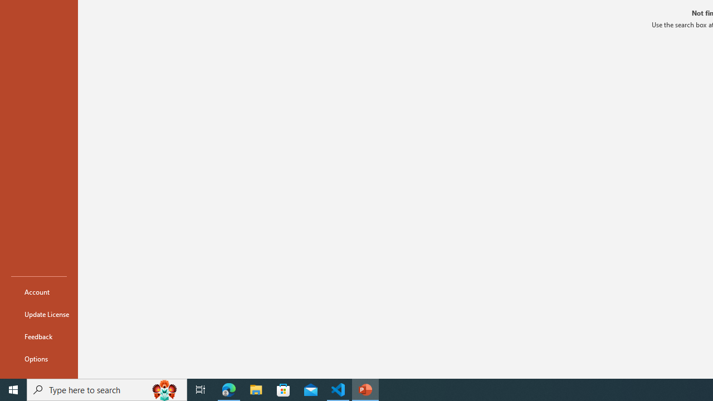 Image resolution: width=713 pixels, height=401 pixels. I want to click on 'Account', so click(38, 291).